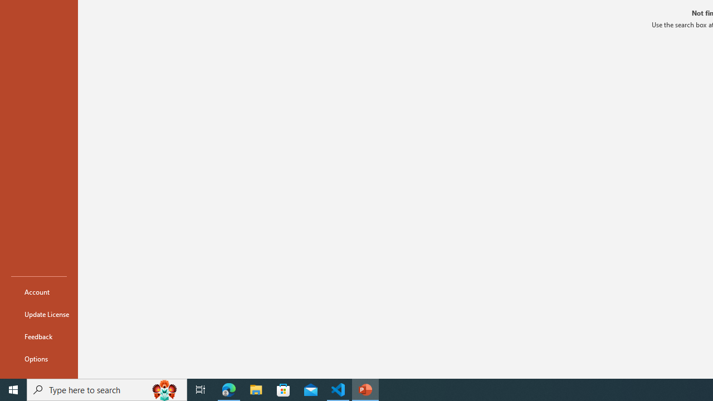 Image resolution: width=713 pixels, height=401 pixels. I want to click on 'Account', so click(38, 291).